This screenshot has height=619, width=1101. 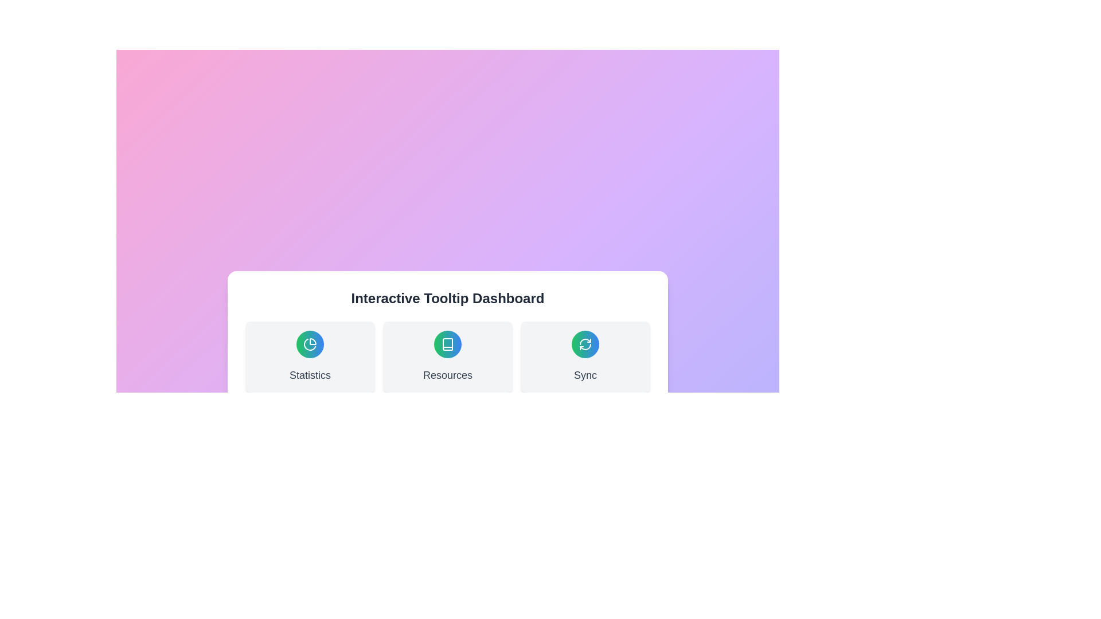 I want to click on the middle button-like section in the three-column grid layout, positioned between 'Statistics' and 'Sync', to activate its hover effects, so click(x=447, y=356).